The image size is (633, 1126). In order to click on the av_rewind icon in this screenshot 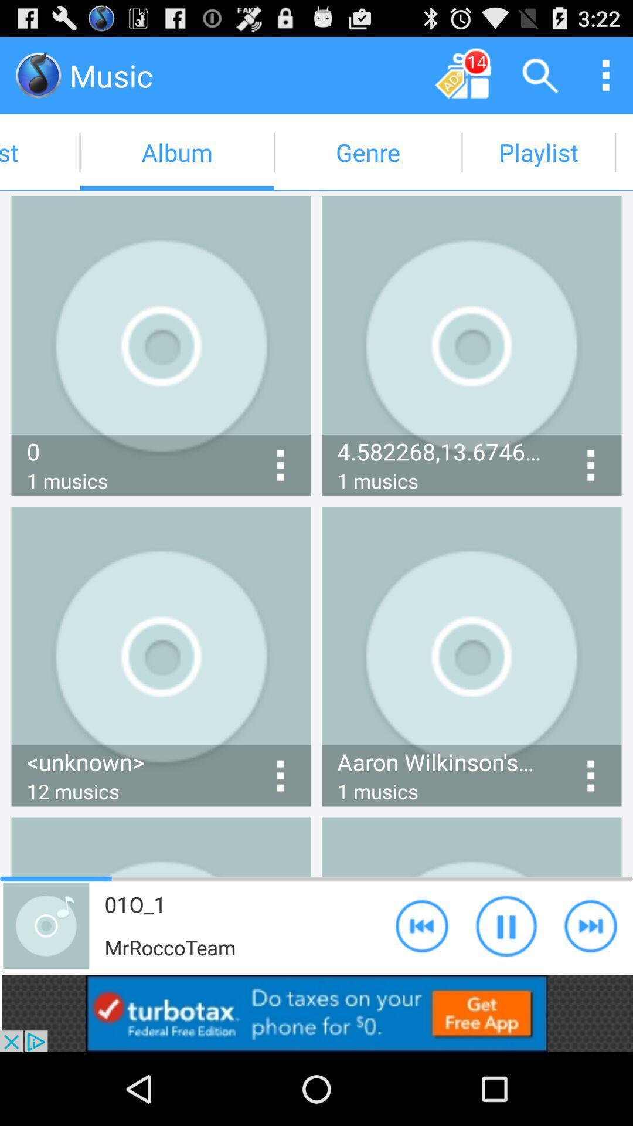, I will do `click(422, 990)`.